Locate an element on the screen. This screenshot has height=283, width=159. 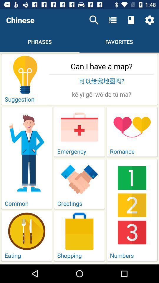
icon above can i have icon is located at coordinates (94, 20).